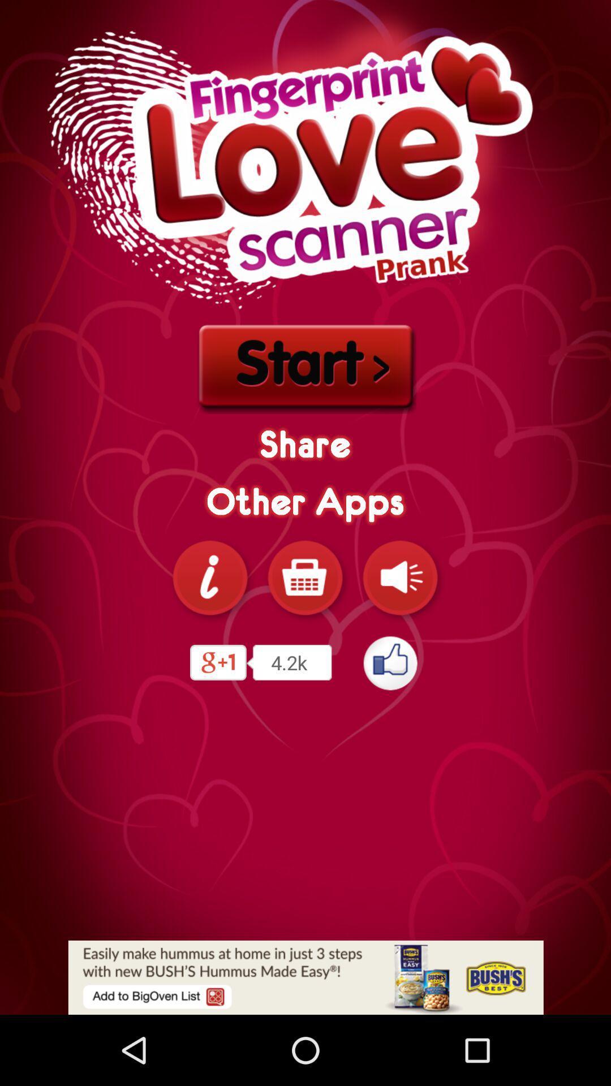 This screenshot has height=1086, width=611. Describe the element at coordinates (390, 662) in the screenshot. I see `like` at that location.